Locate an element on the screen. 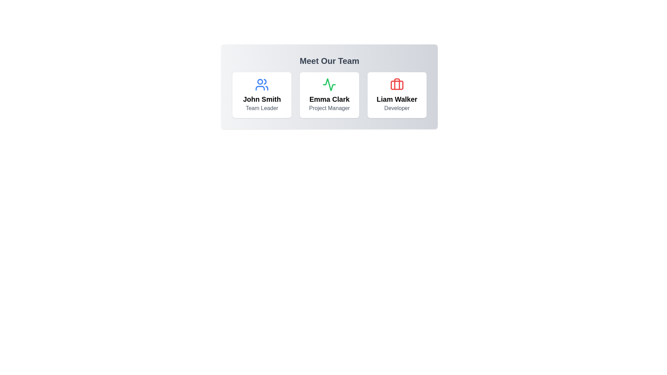 The width and height of the screenshot is (667, 375). the Text Label displaying the role 'Project Manager' for the profile of 'Emma Clark', which is centrally aligned below the name in the profile card is located at coordinates (329, 108).